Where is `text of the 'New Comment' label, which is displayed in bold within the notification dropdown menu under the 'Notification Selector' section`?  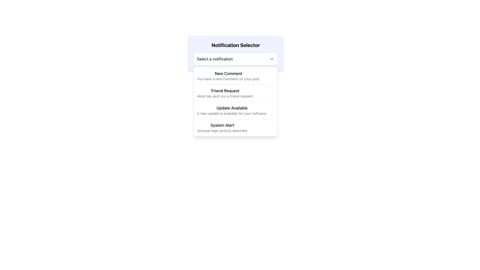
text of the 'New Comment' label, which is displayed in bold within the notification dropdown menu under the 'Notification Selector' section is located at coordinates (228, 73).